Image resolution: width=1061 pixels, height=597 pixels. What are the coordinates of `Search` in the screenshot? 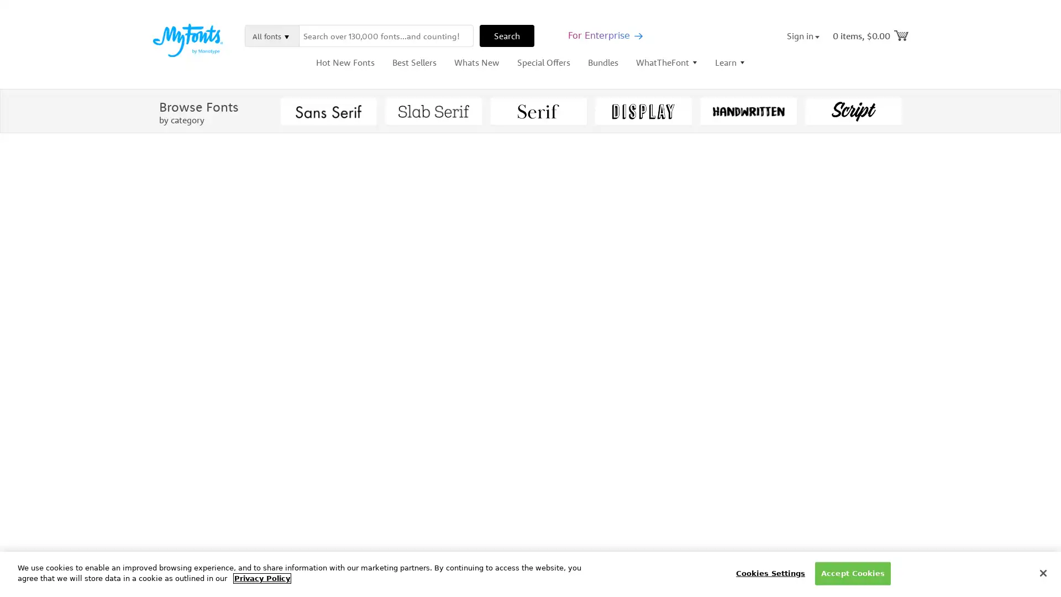 It's located at (506, 35).